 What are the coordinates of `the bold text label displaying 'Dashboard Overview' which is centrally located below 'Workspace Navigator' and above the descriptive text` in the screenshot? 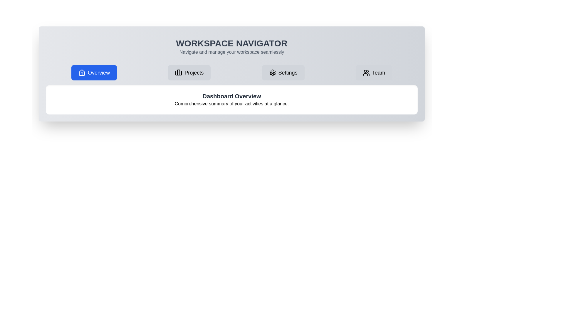 It's located at (231, 96).